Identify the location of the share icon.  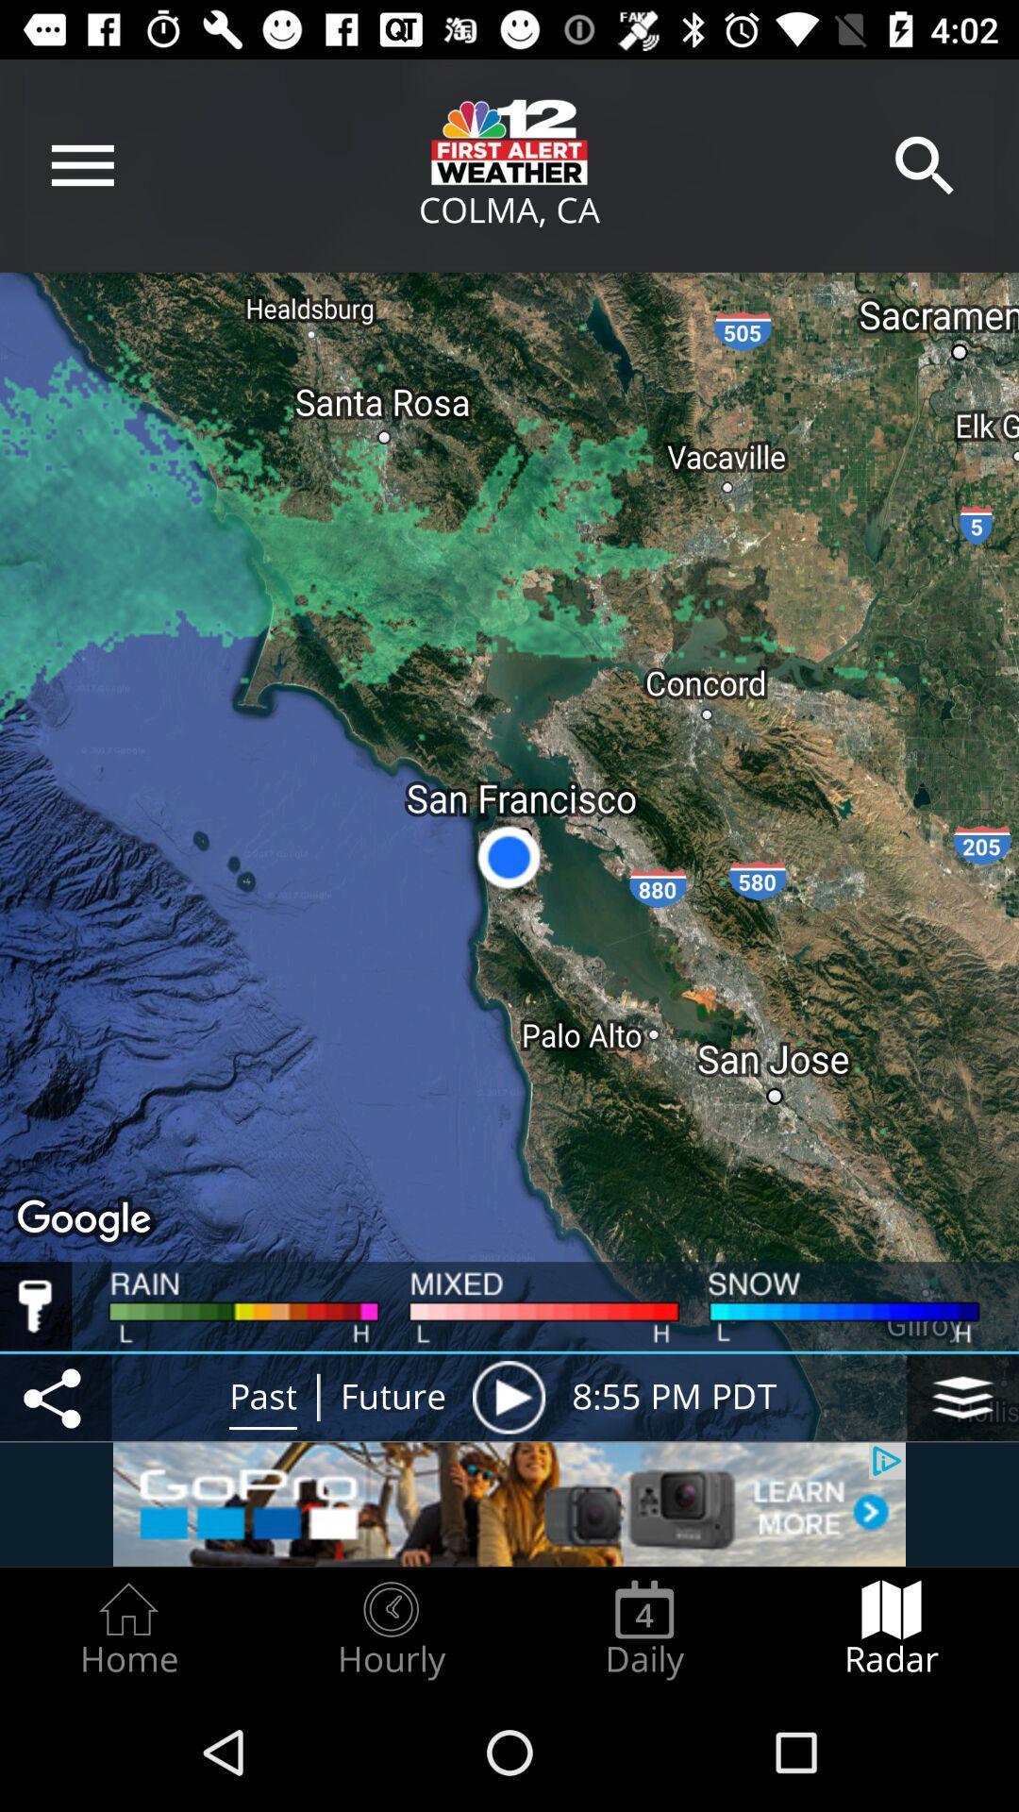
(55, 1397).